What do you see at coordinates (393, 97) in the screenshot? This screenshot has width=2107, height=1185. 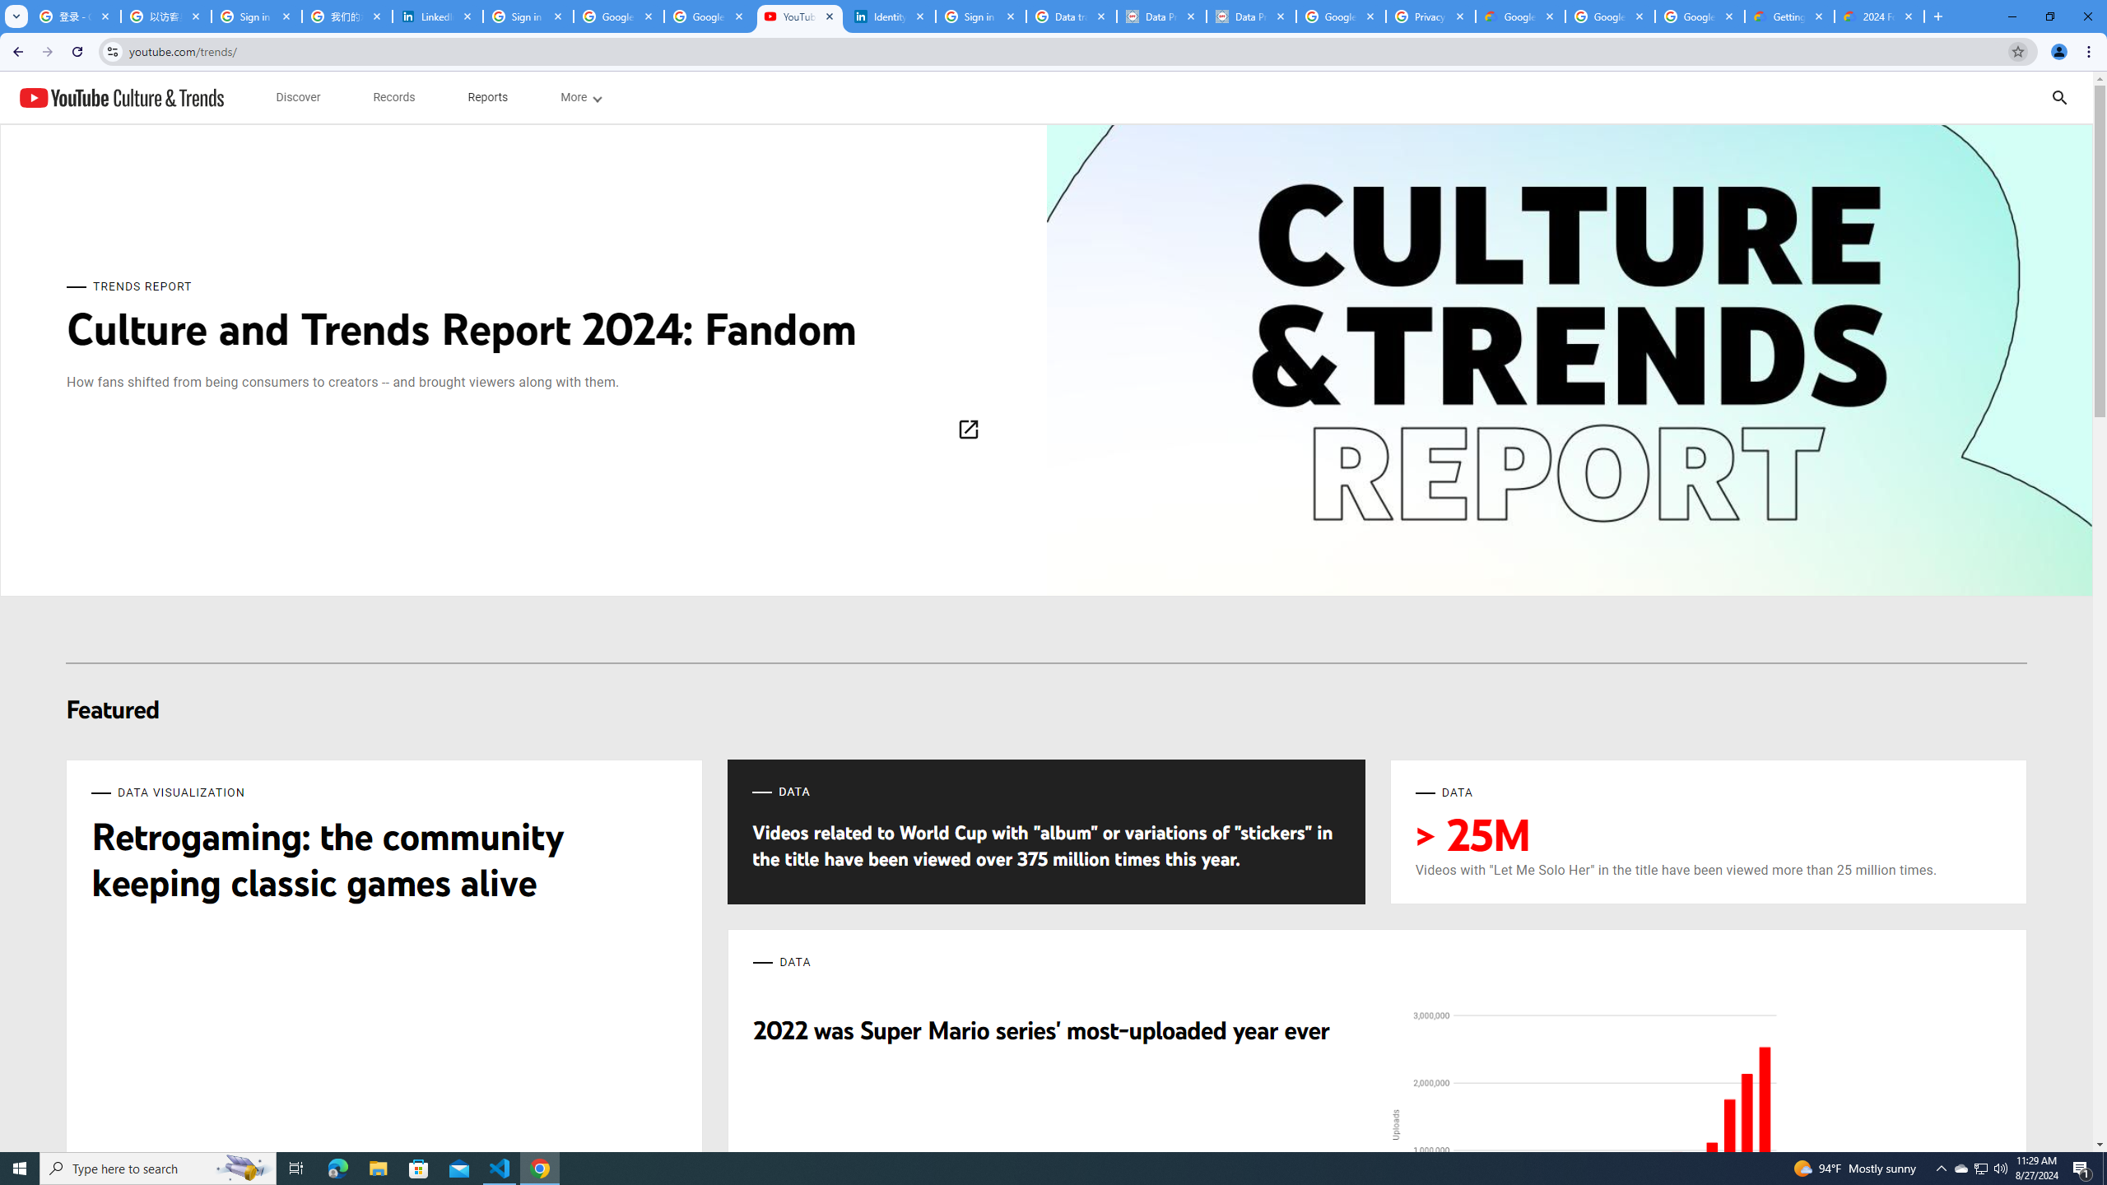 I see `'subnav-Records menupopup'` at bounding box center [393, 97].